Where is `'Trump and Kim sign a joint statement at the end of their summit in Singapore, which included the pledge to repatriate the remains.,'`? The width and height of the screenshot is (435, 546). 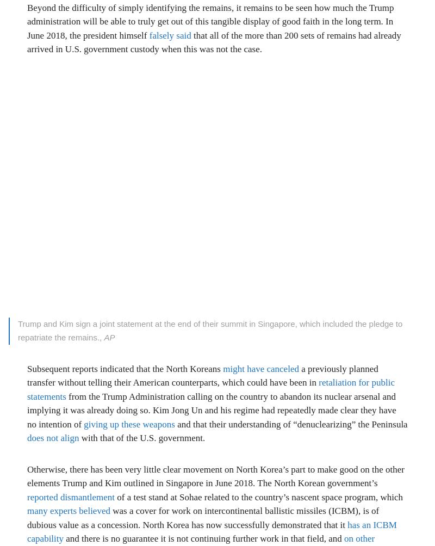 'Trump and Kim sign a joint statement at the end of their summit in Singapore, which included the pledge to repatriate the remains.,' is located at coordinates (209, 330).